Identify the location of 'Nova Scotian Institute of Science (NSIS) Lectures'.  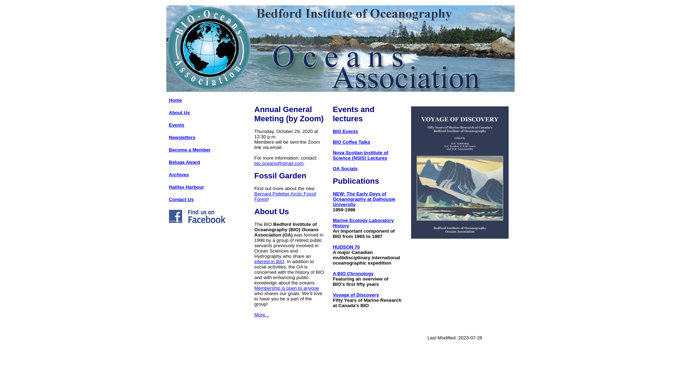
(360, 155).